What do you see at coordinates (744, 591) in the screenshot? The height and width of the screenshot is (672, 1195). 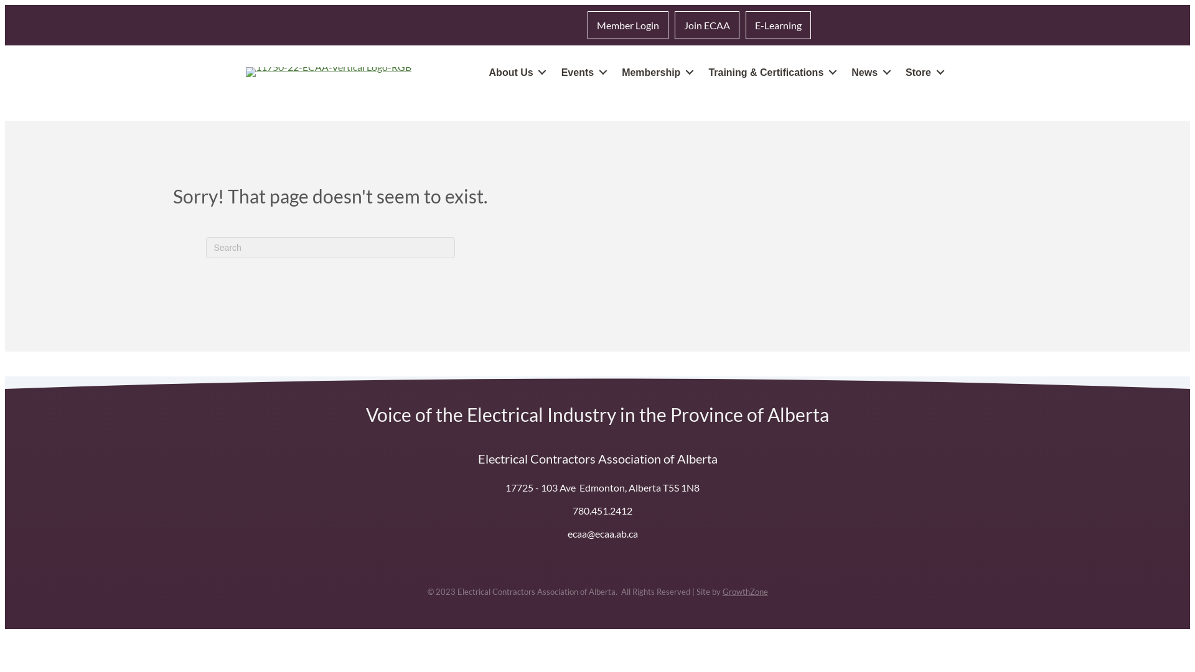 I see `'GrowthZone'` at bounding box center [744, 591].